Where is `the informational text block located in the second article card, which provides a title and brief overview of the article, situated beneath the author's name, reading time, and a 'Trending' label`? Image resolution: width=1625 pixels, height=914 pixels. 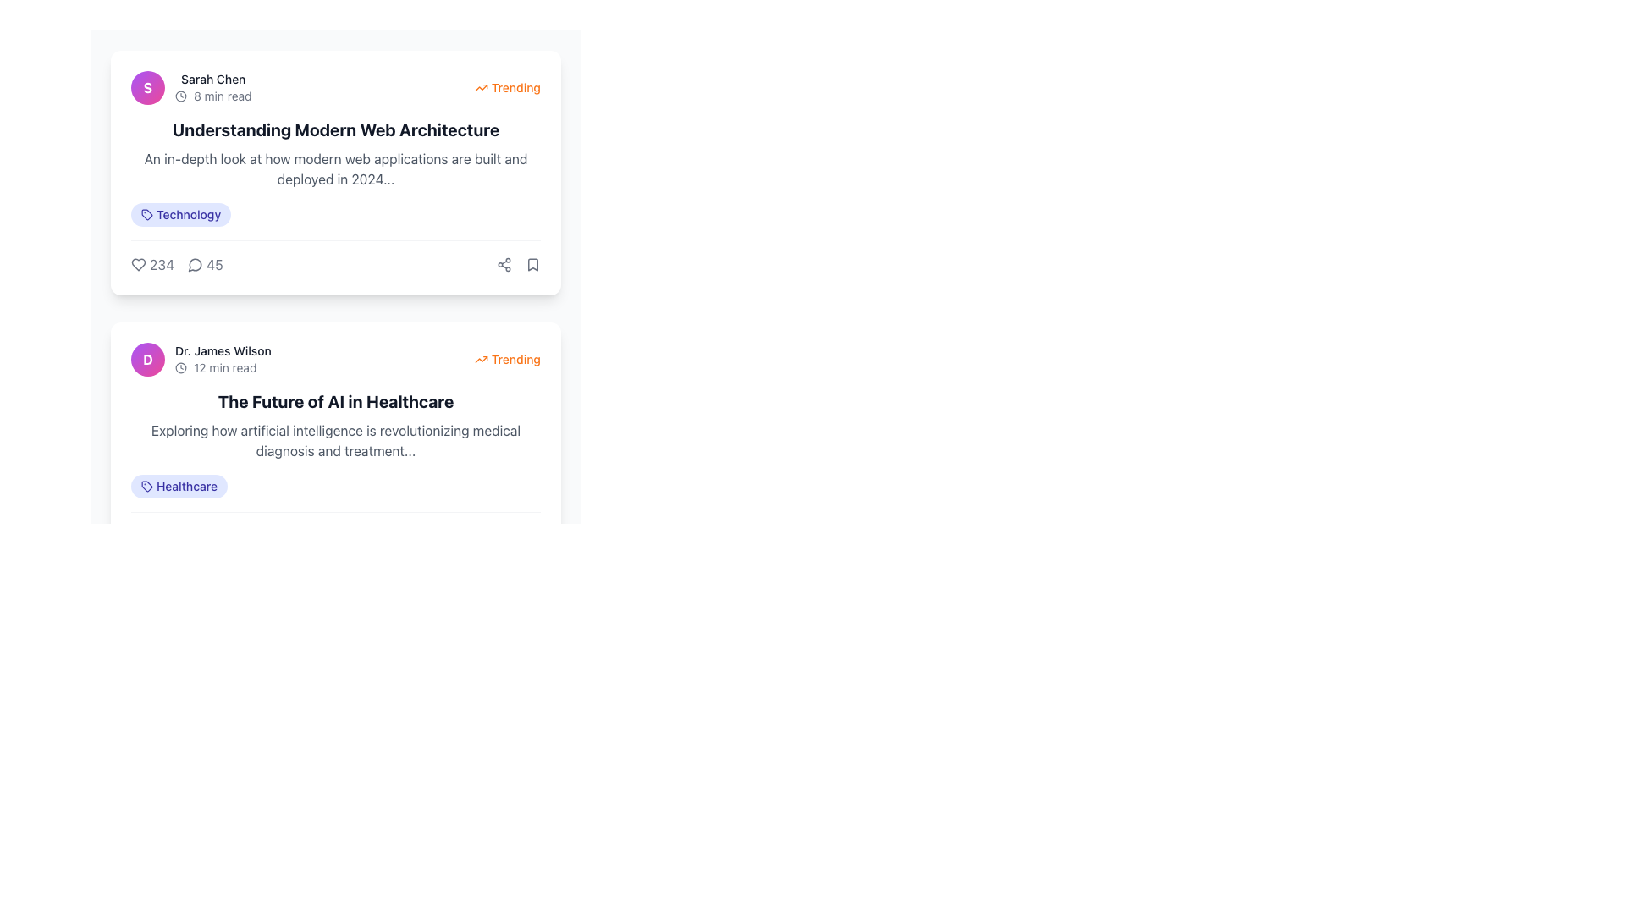
the informational text block located in the second article card, which provides a title and brief overview of the article, situated beneath the author's name, reading time, and a 'Trending' label is located at coordinates (336, 424).